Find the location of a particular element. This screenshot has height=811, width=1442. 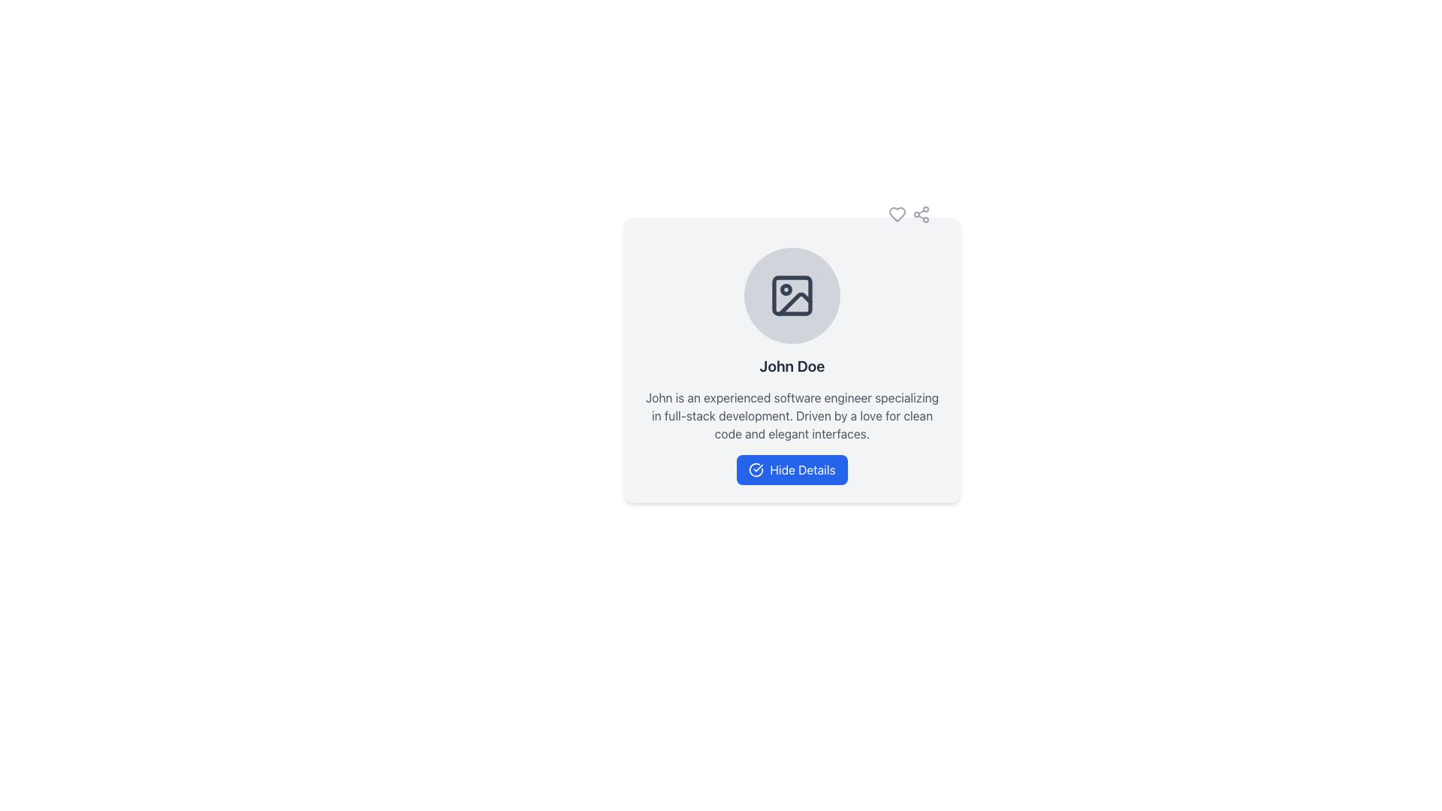

the 'Hide Details' text label styled in white font on a blue background, located within a rounded blue button at the bottom of a card-like section is located at coordinates (802, 469).